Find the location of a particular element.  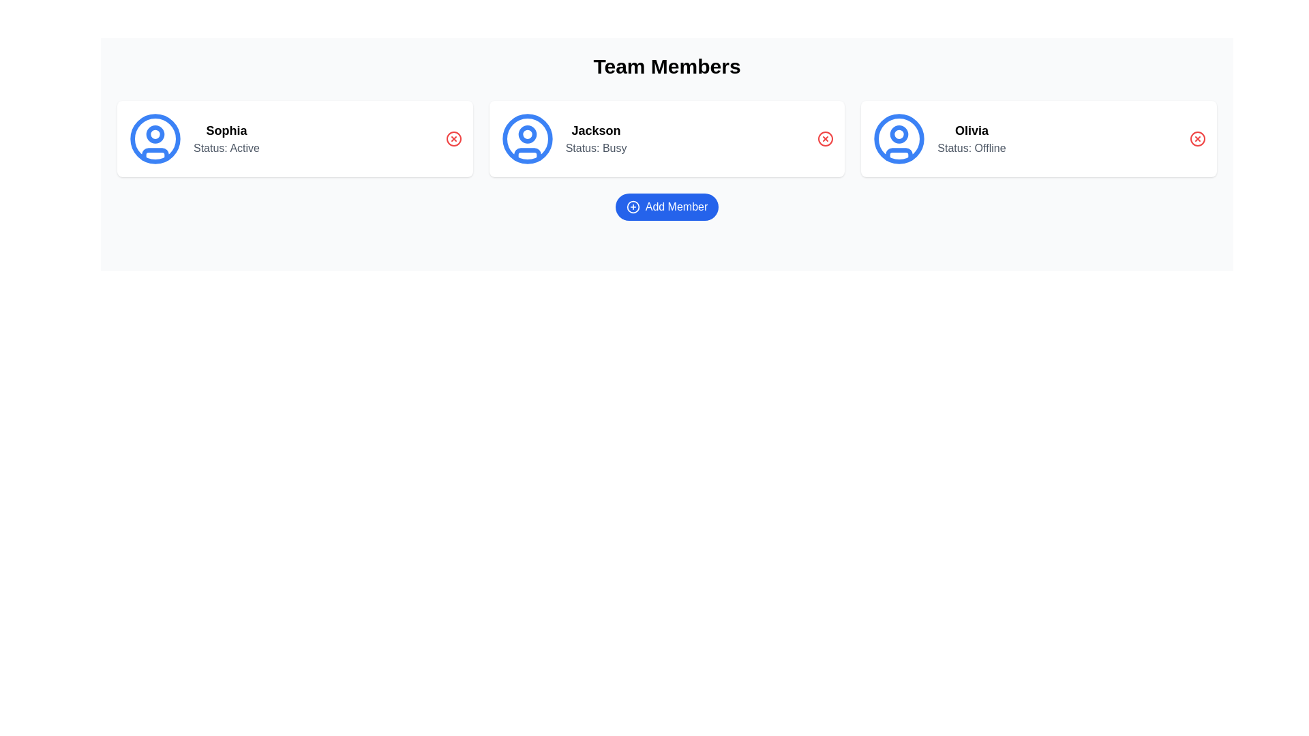

the user's profile information display component, which includes an icon and text, located under the 'Team Members' heading is located at coordinates (193, 139).